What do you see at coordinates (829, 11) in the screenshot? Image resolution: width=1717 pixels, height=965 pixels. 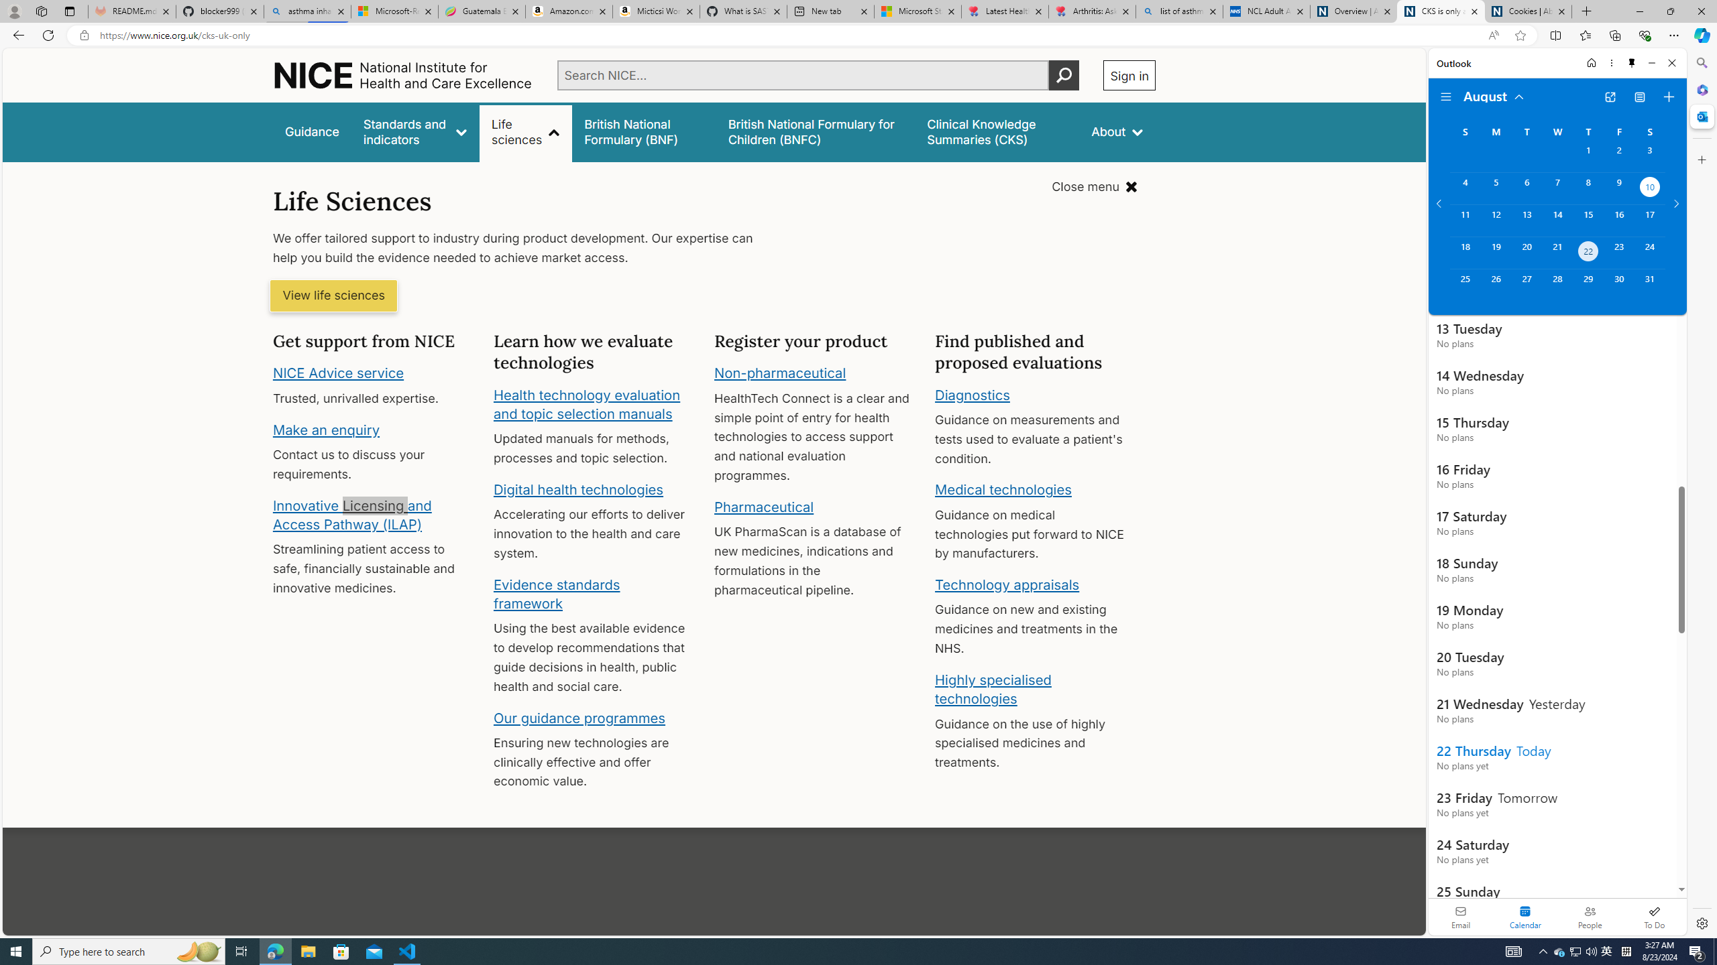 I see `'New tab'` at bounding box center [829, 11].